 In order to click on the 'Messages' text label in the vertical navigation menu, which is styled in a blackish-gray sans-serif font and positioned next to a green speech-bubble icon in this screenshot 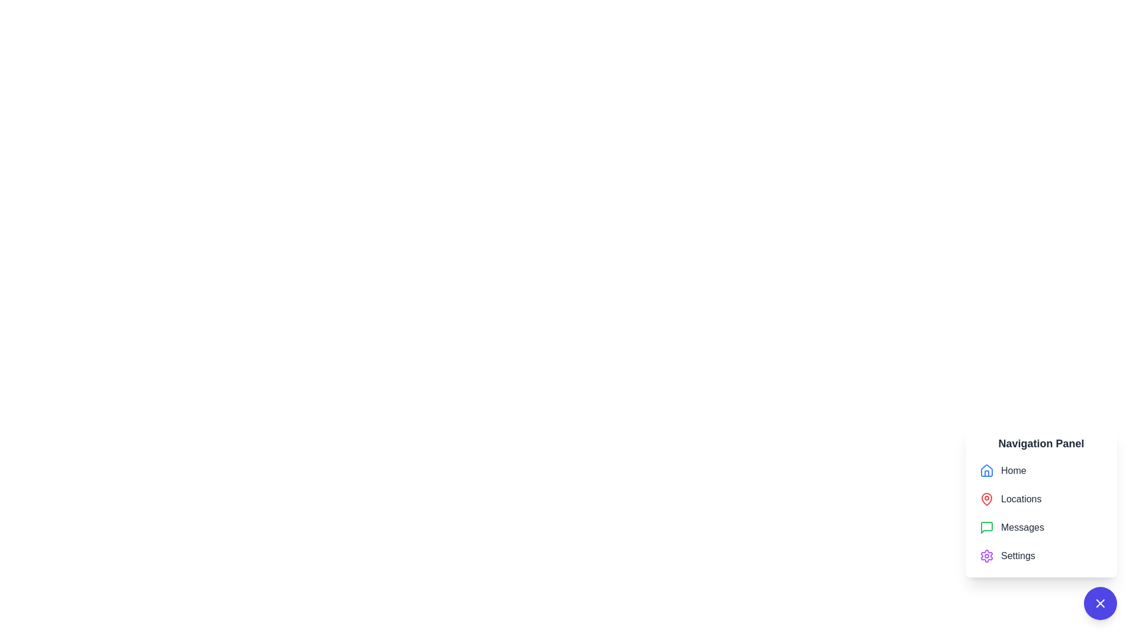, I will do `click(1022, 527)`.